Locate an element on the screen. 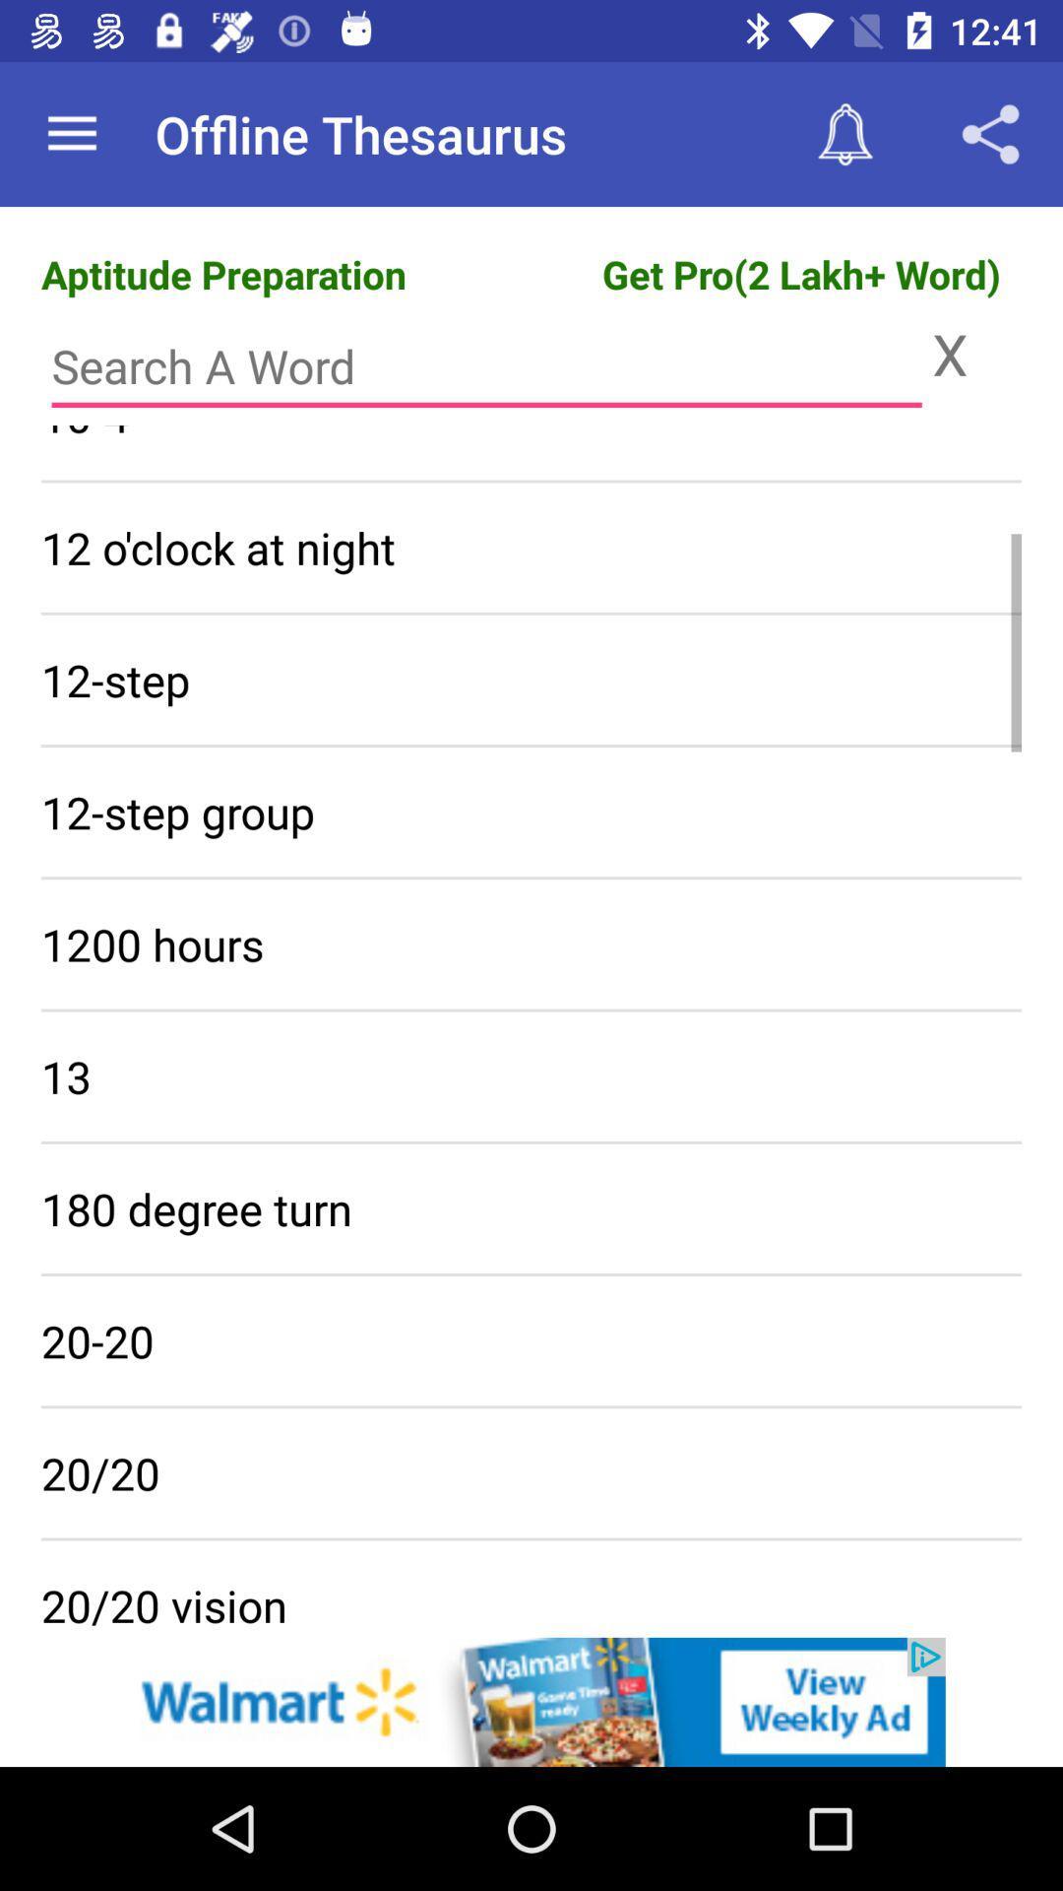 Image resolution: width=1063 pixels, height=1891 pixels. the symbol beside search a word is located at coordinates (976, 354).